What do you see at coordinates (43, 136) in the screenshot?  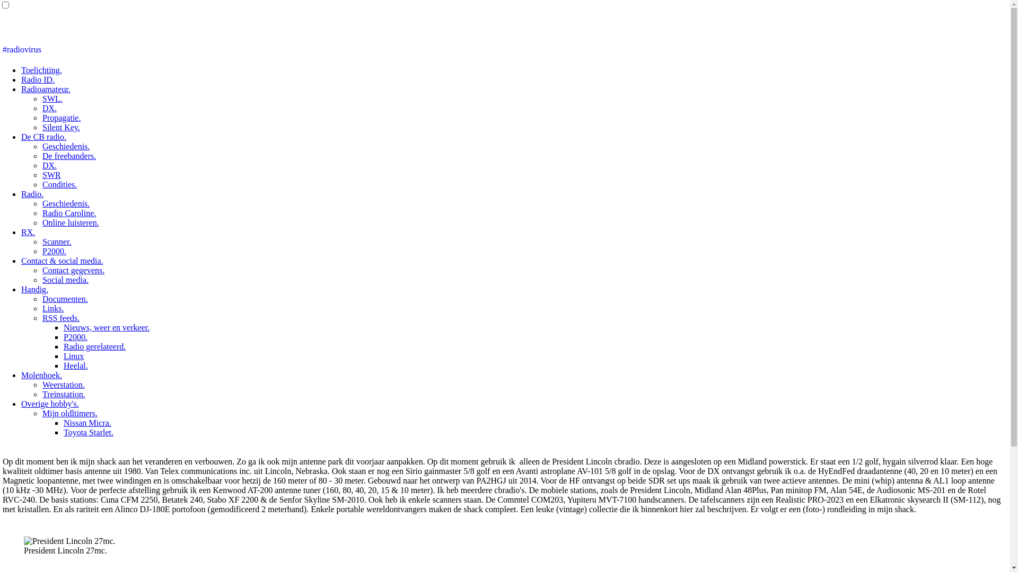 I see `'De CB radio.'` at bounding box center [43, 136].